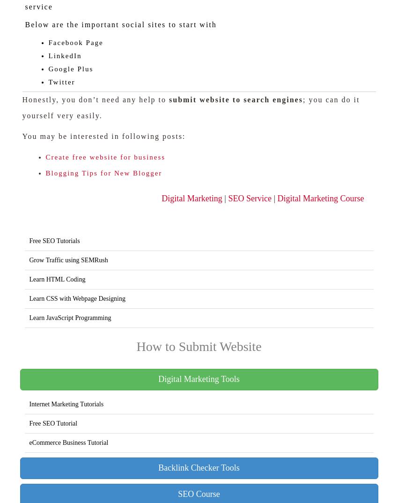 The height and width of the screenshot is (503, 398). What do you see at coordinates (70, 317) in the screenshot?
I see `'Learn JavaScript Programming'` at bounding box center [70, 317].